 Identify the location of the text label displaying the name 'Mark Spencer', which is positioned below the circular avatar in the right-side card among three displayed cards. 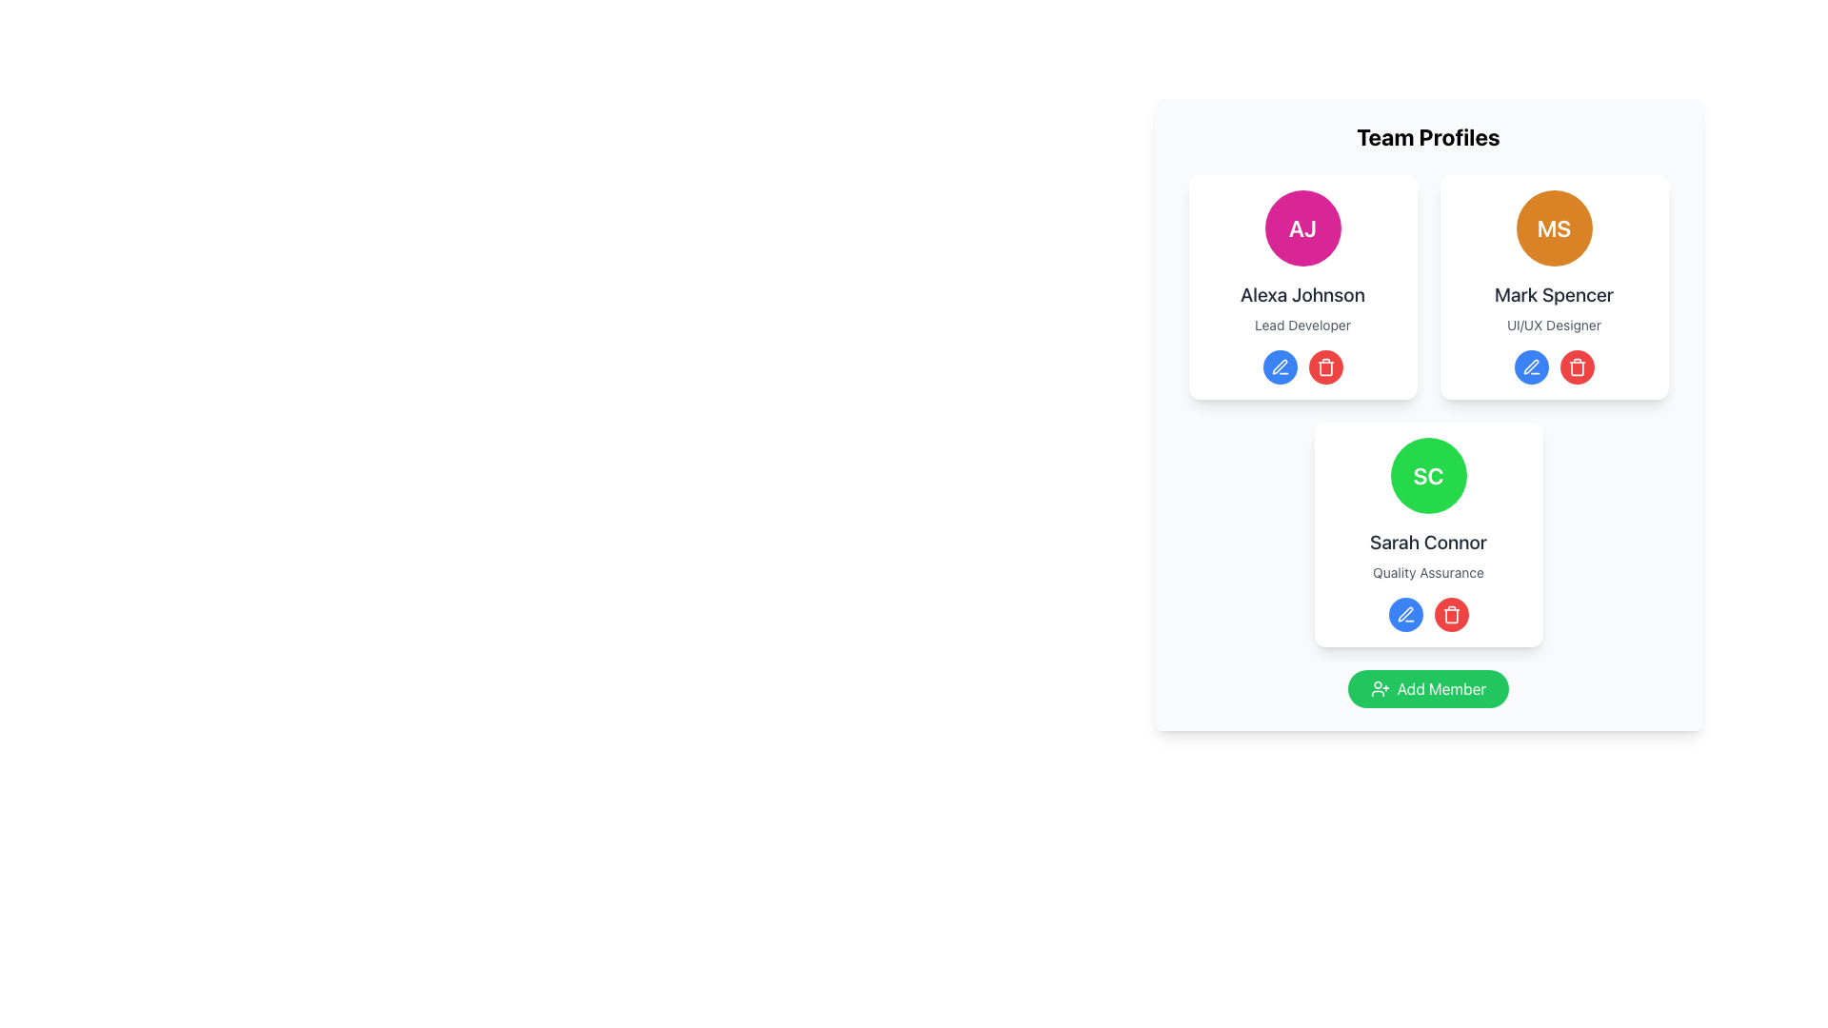
(1554, 294).